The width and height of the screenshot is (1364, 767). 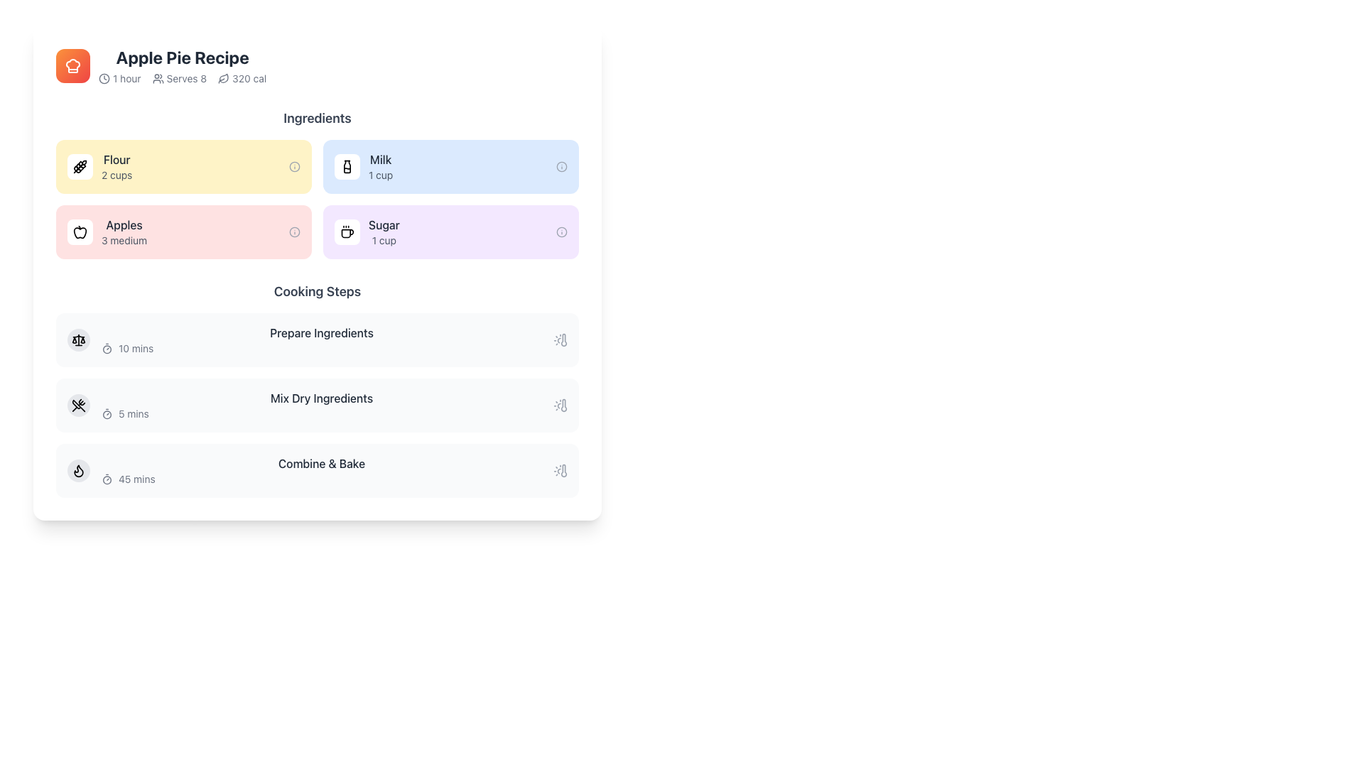 What do you see at coordinates (182, 79) in the screenshot?
I see `informational text group displaying metadata about the recipe, which includes '1 hour', 'Serves 8', and '320 cal', located beneath the title 'Apple Pie Recipe'` at bounding box center [182, 79].